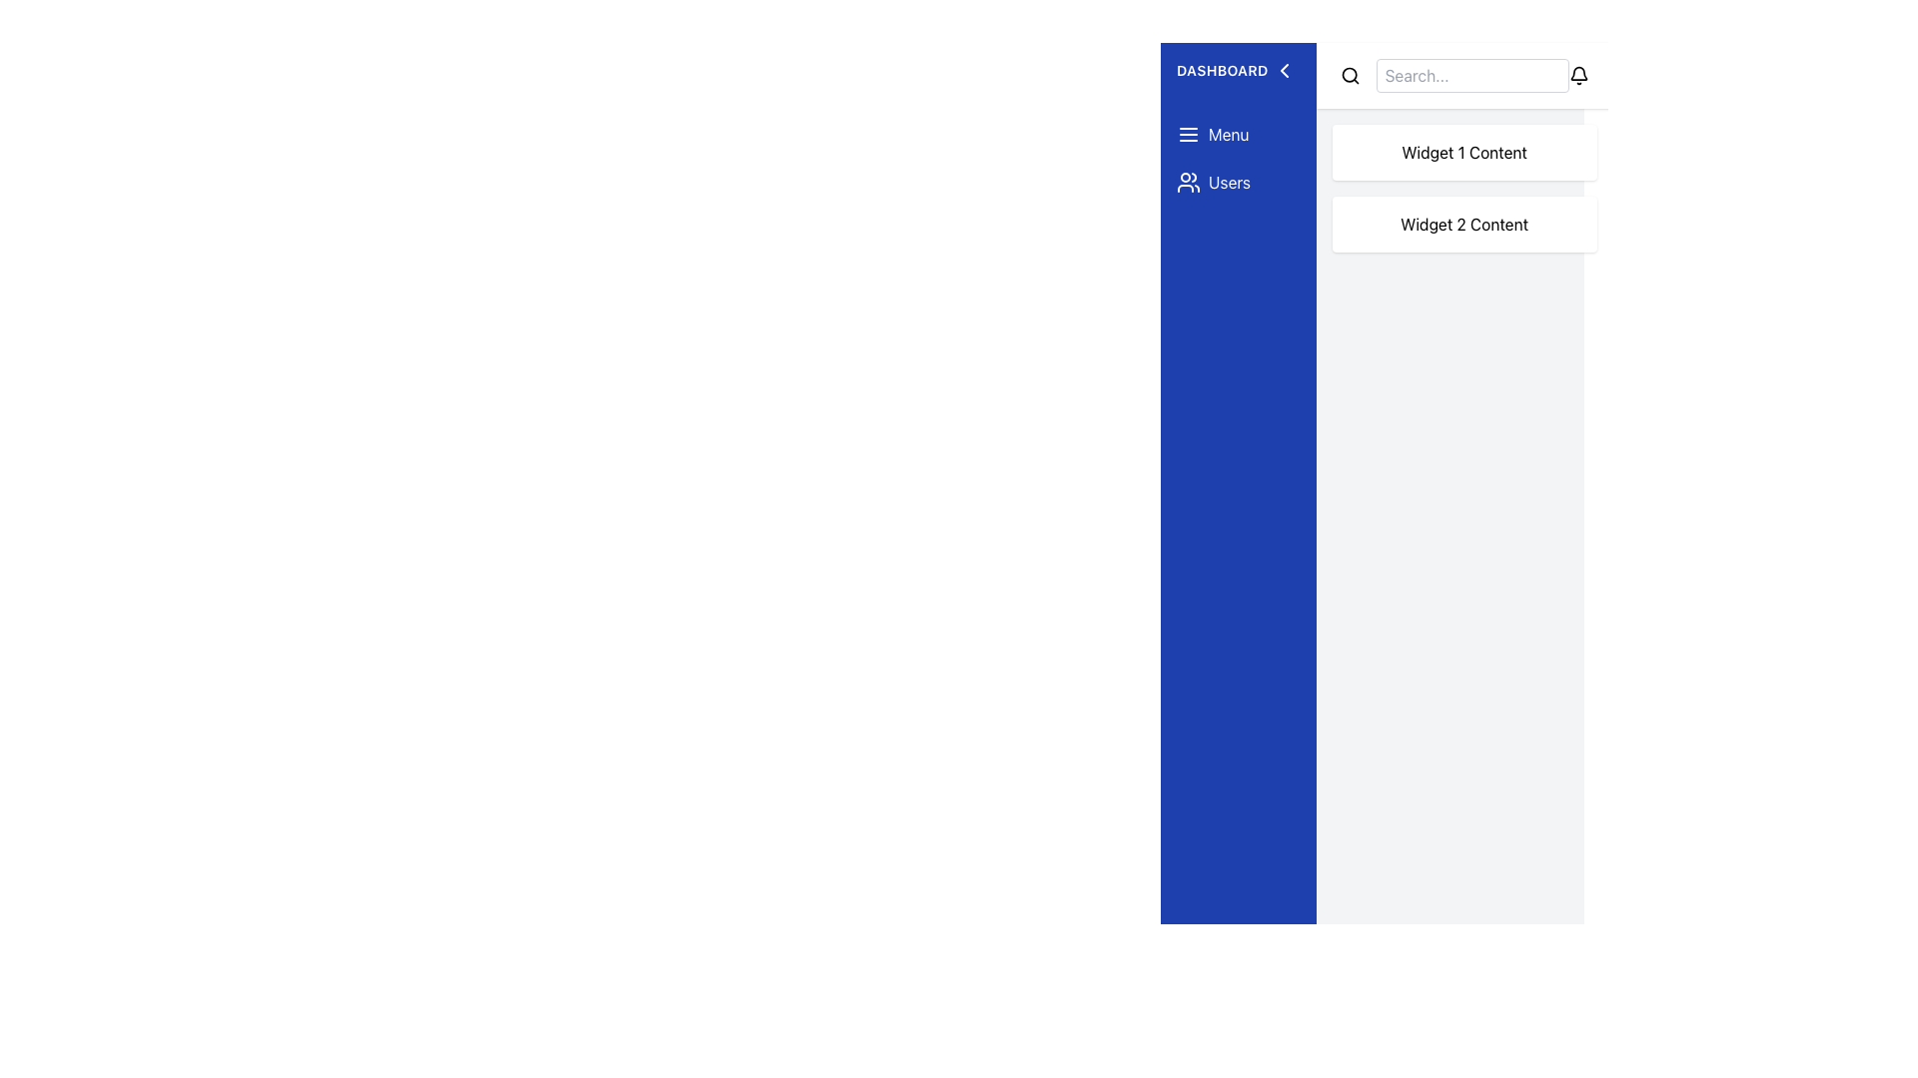  I want to click on the search icon represented by a magnifying glass outline, located at the top right corner of the interface, to the left of the text input field with the placeholder 'Search...', so click(1350, 75).